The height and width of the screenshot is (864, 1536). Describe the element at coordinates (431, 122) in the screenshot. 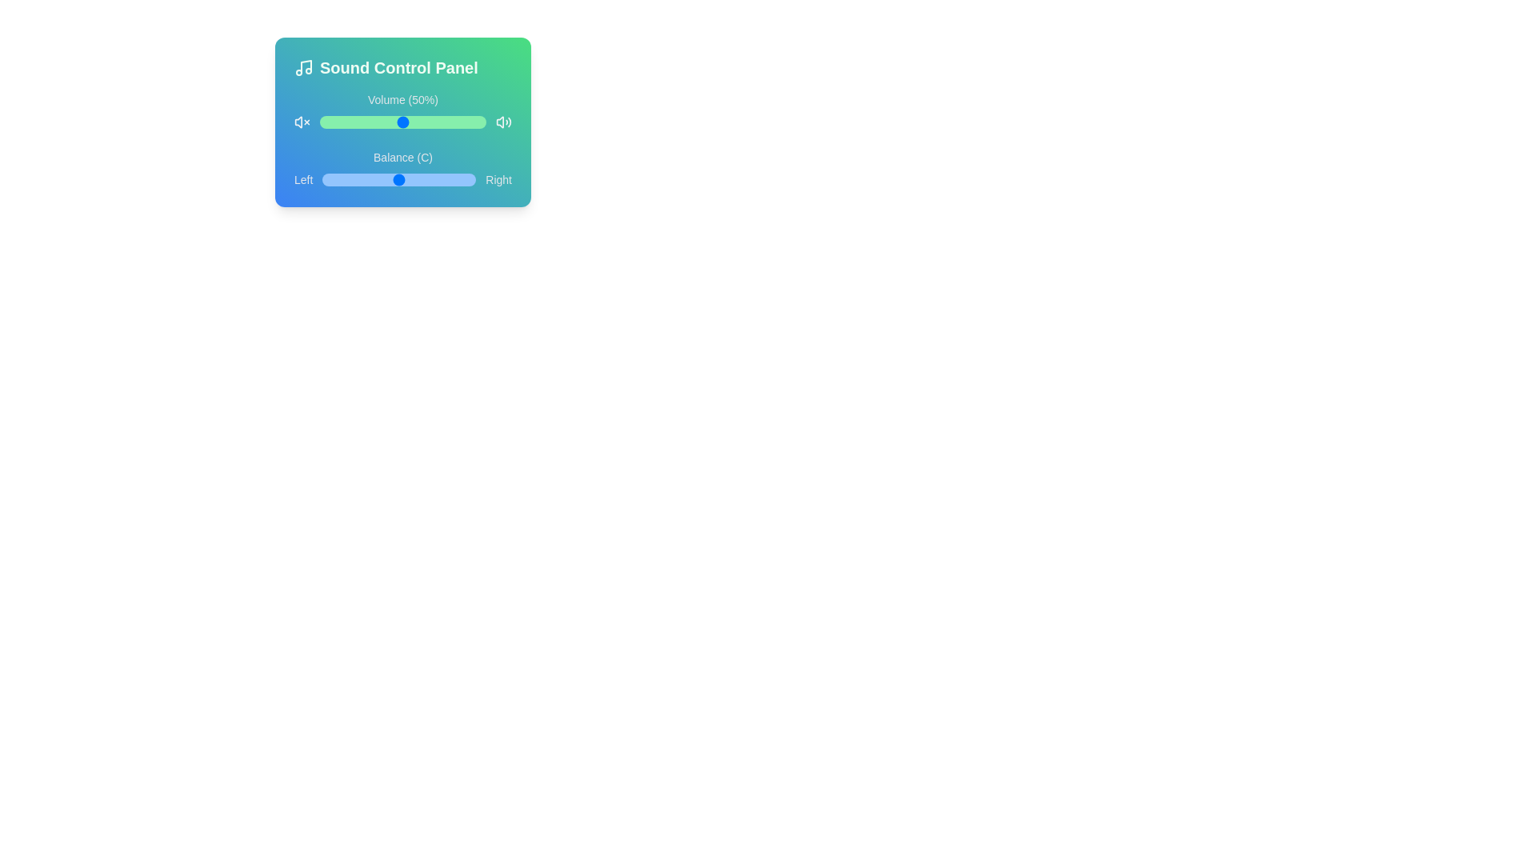

I see `the volume slider` at that location.